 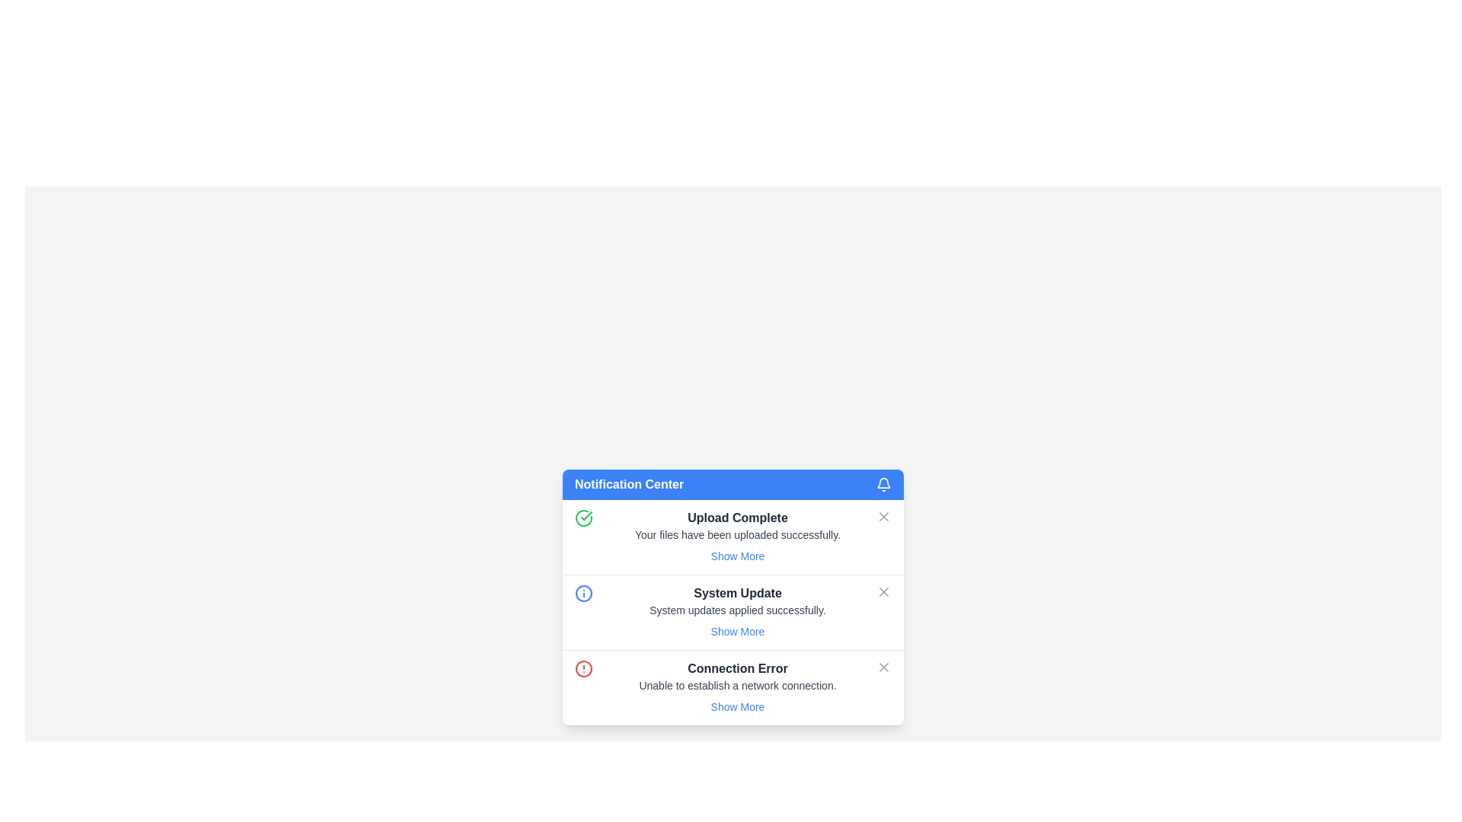 What do you see at coordinates (738, 631) in the screenshot?
I see `the 'Show More' text link styled in blue, located in the notification entry labeled 'System Update'` at bounding box center [738, 631].